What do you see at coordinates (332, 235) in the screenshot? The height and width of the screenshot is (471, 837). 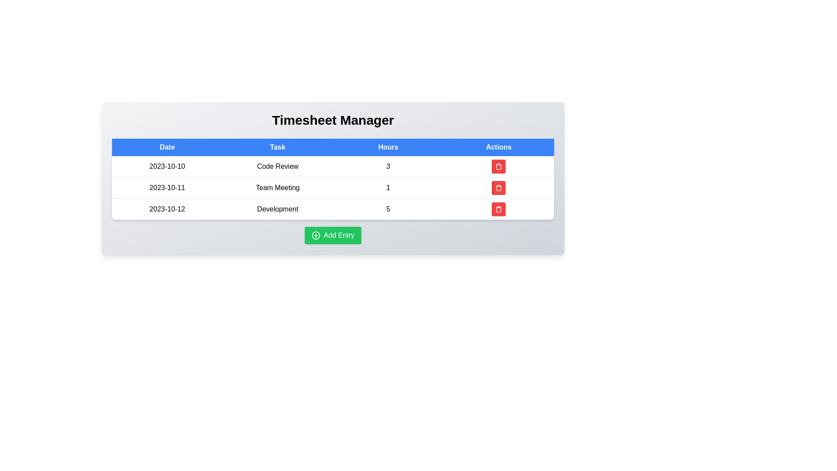 I see `the green button labeled 'Add Entry' with a plus icon` at bounding box center [332, 235].